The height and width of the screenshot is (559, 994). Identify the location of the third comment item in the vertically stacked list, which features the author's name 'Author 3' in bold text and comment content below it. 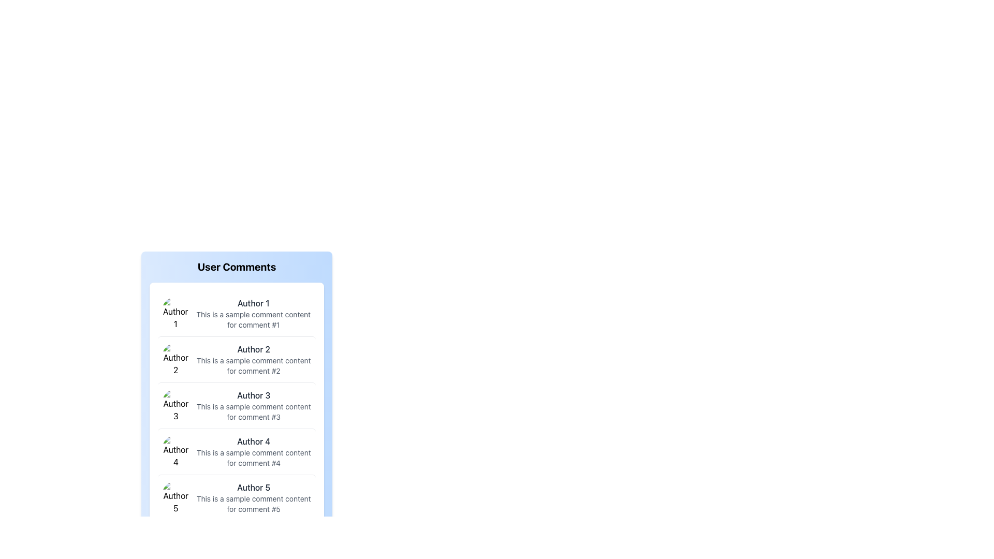
(236, 405).